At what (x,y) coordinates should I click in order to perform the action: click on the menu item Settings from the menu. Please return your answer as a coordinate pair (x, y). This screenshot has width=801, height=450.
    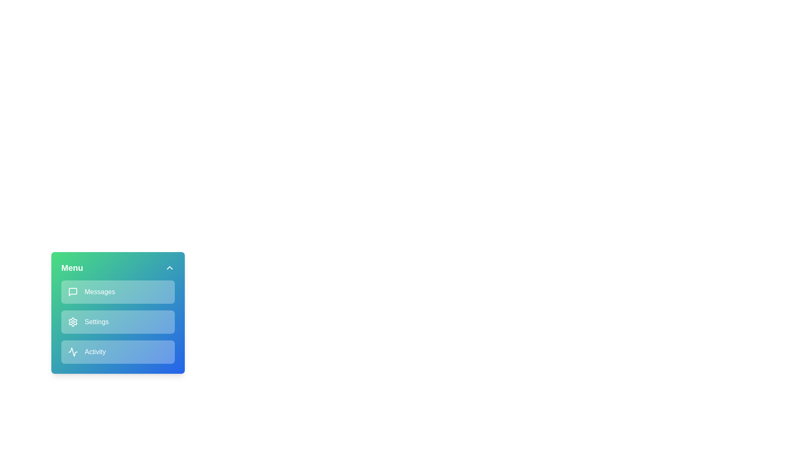
    Looking at the image, I should click on (118, 321).